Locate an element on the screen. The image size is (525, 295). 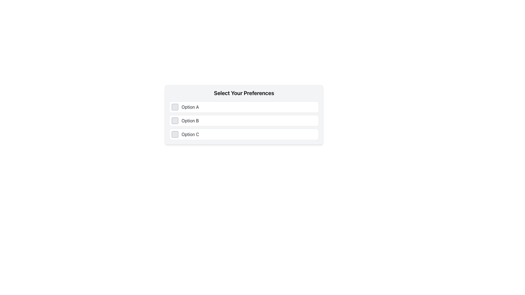
the small square gray checkbox located to the left of the text 'Option A' is located at coordinates (174, 107).